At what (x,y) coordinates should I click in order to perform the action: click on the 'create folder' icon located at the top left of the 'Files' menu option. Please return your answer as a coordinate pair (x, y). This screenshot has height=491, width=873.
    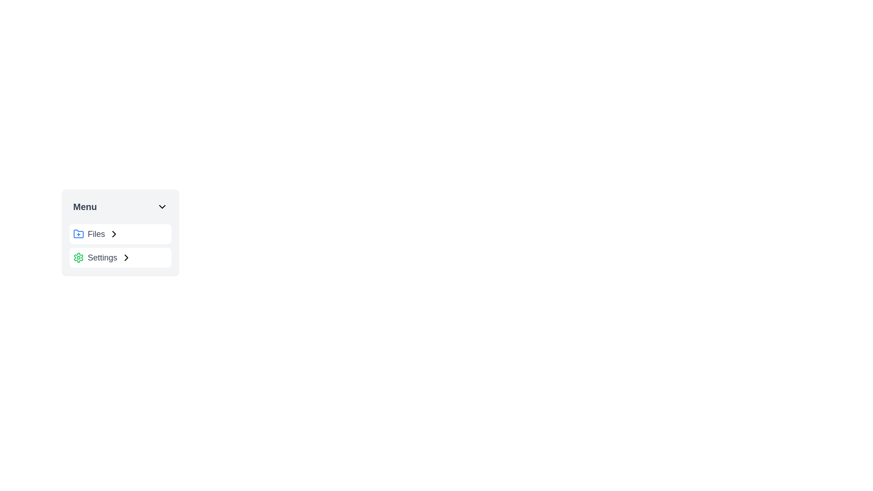
    Looking at the image, I should click on (78, 234).